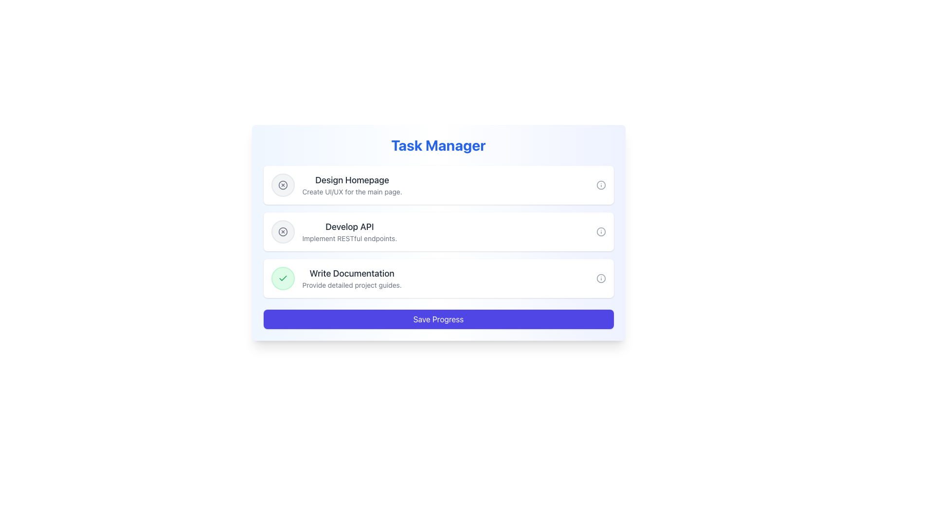  What do you see at coordinates (282, 185) in the screenshot?
I see `the removal icon located in the second task item titled 'Develop API' in the task manager interface` at bounding box center [282, 185].